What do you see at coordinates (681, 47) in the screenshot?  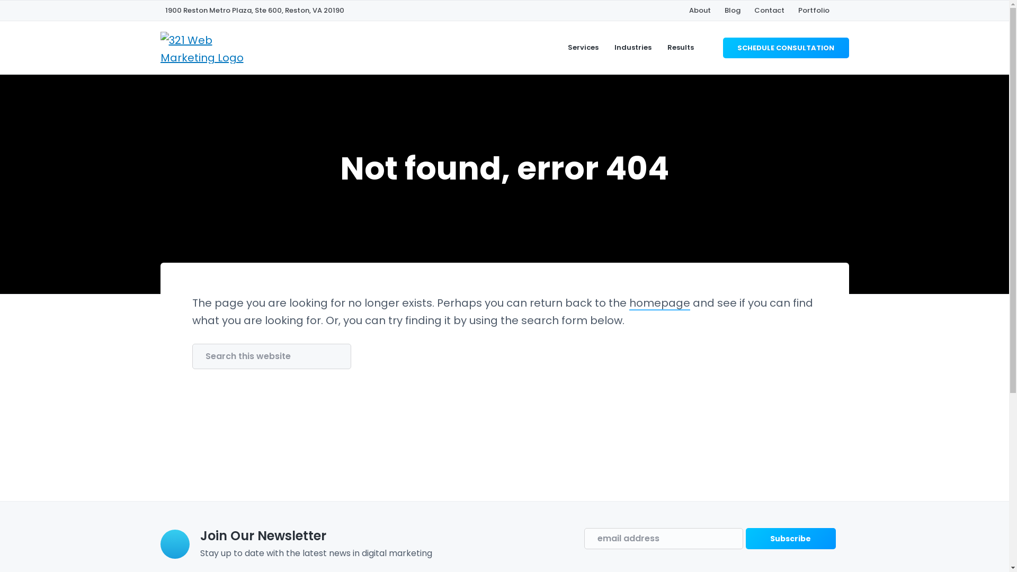 I see `'Results'` at bounding box center [681, 47].